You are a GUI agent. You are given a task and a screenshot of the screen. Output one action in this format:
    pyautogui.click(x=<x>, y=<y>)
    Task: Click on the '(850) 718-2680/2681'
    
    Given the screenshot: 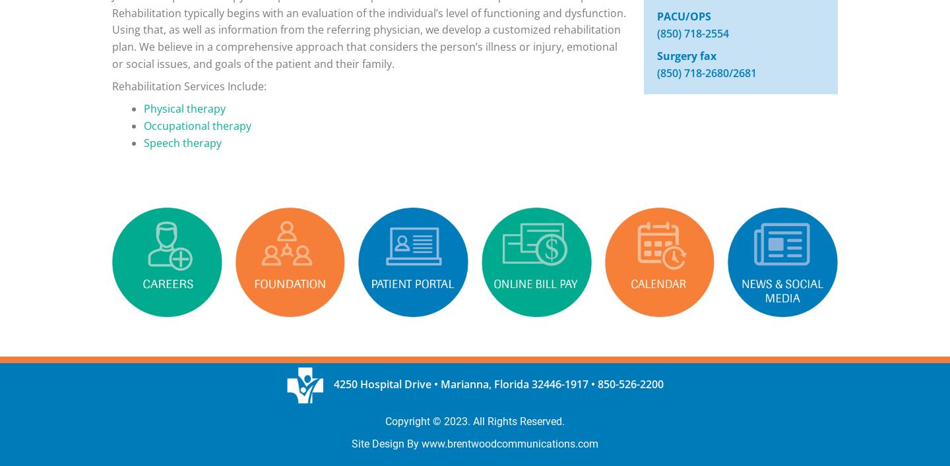 What is the action you would take?
    pyautogui.click(x=706, y=72)
    